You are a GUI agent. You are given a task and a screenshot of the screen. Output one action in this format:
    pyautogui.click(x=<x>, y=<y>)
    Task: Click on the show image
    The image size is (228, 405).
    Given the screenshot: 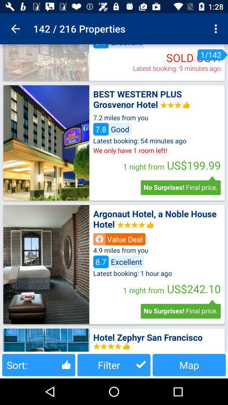 What is the action you would take?
    pyautogui.click(x=46, y=62)
    